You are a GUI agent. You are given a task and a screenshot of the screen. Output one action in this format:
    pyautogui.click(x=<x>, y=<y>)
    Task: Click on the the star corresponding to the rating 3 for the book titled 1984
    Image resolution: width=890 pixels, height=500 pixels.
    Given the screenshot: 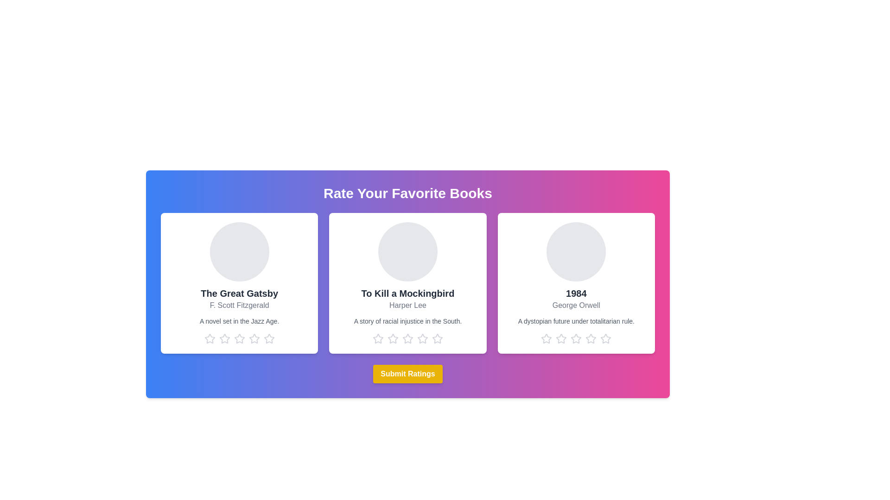 What is the action you would take?
    pyautogui.click(x=576, y=339)
    